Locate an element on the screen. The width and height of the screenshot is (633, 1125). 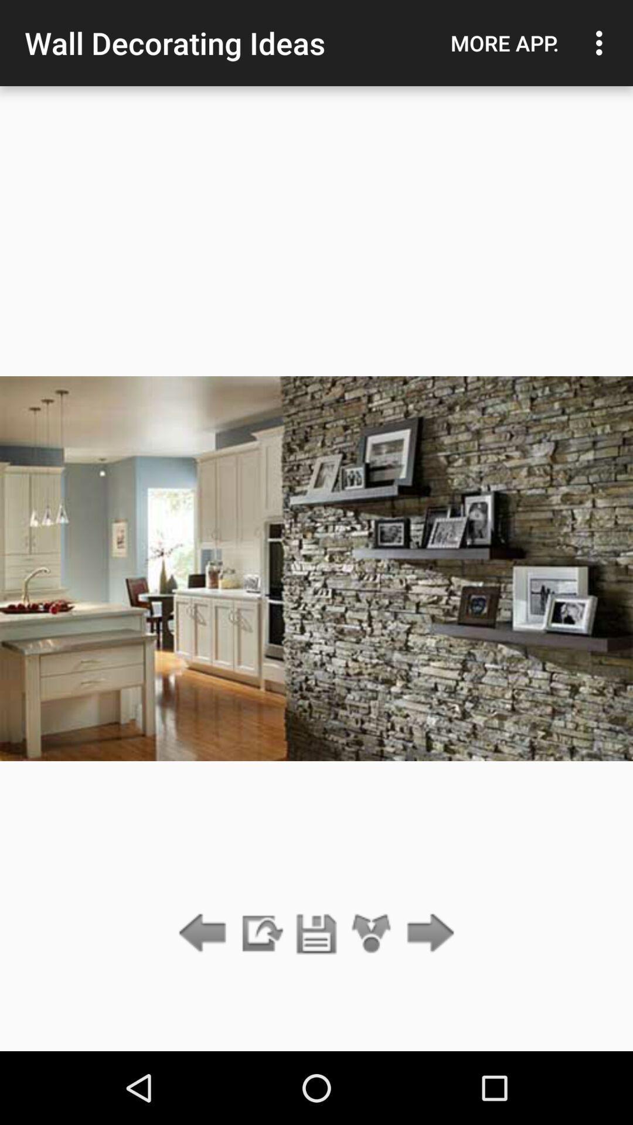
the launch icon is located at coordinates (260, 933).